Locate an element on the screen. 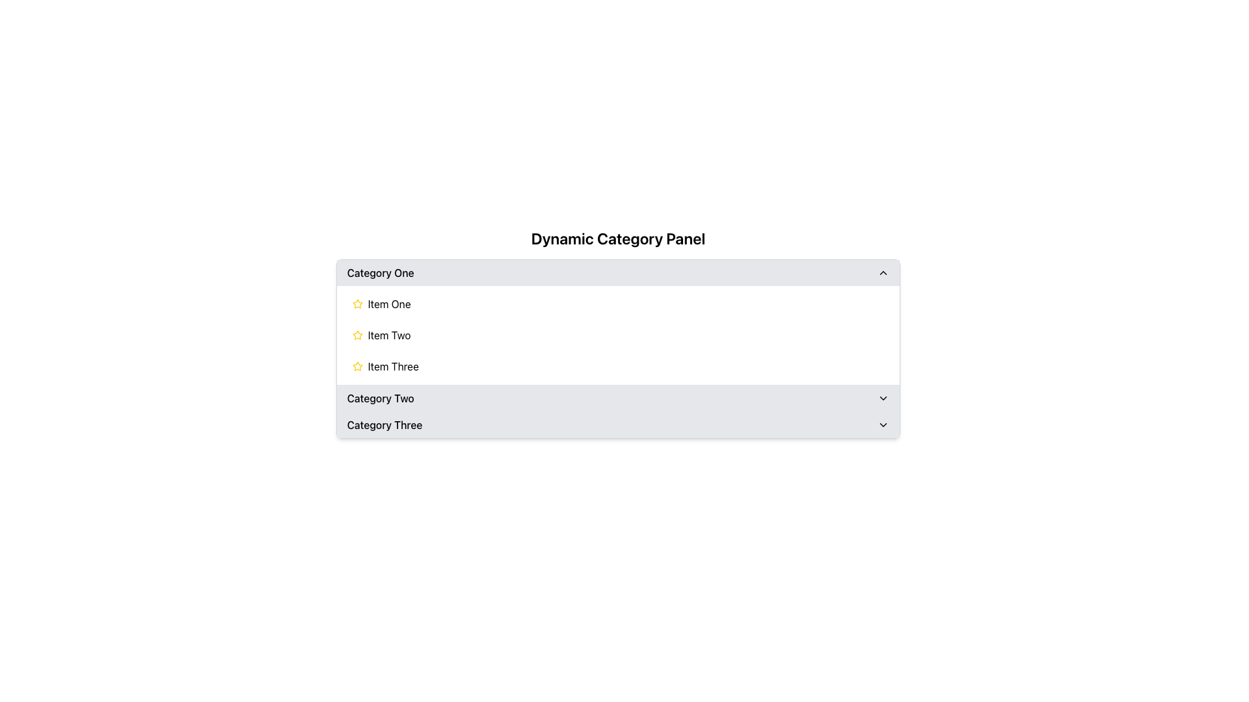 The width and height of the screenshot is (1249, 702). text from the bold and enlarged header labeled 'Dynamic Category Panel' located at the top of the panel is located at coordinates (617, 238).